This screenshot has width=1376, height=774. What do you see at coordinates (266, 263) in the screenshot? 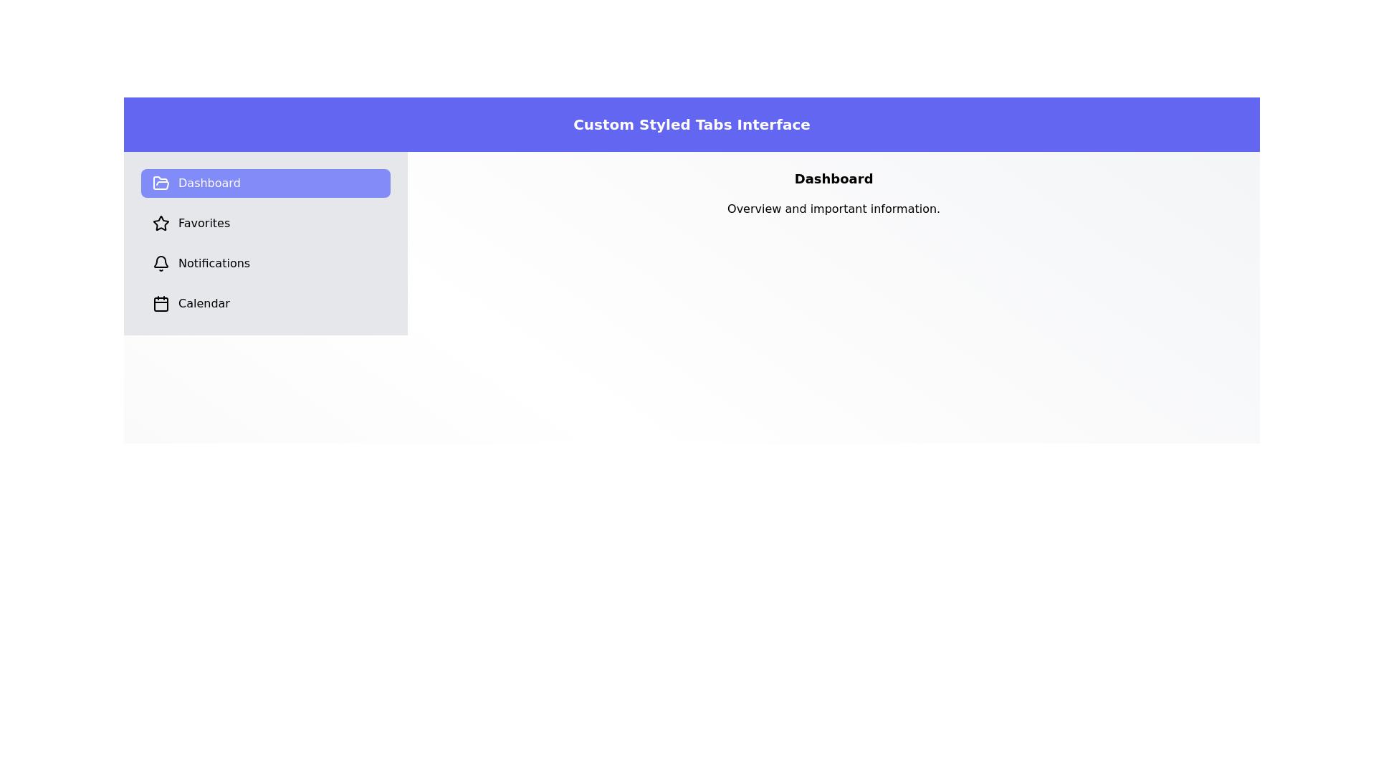
I see `the tab labeled 'Notifications' to observe the hover effect` at bounding box center [266, 263].